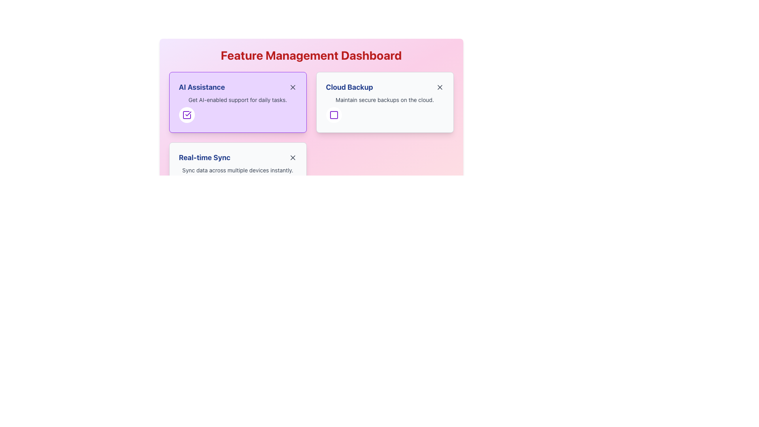 The width and height of the screenshot is (759, 427). Describe the element at coordinates (292, 157) in the screenshot. I see `the cross icon in the upper-right corner of the 'Real-time Sync' panel` at that location.